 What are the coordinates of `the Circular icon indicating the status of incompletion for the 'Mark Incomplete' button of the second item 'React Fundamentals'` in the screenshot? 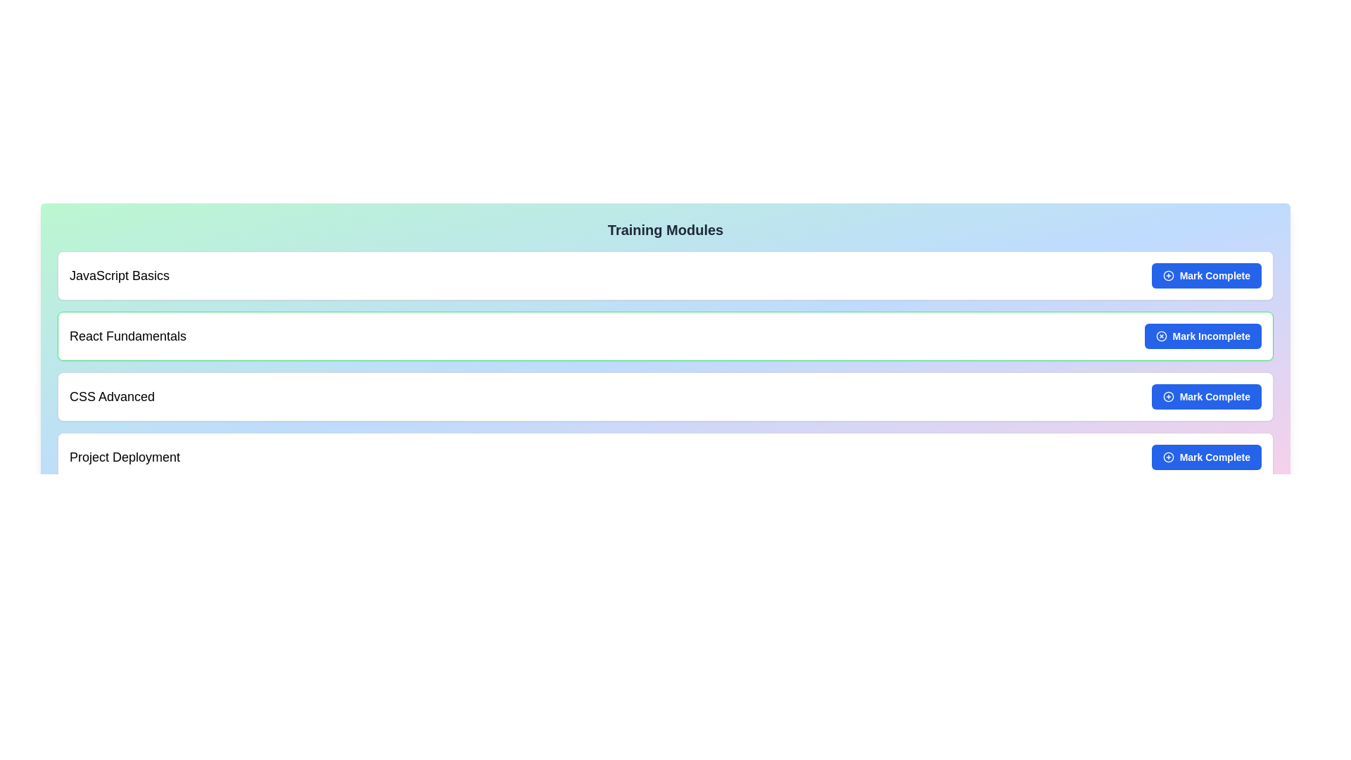 It's located at (1161, 336).